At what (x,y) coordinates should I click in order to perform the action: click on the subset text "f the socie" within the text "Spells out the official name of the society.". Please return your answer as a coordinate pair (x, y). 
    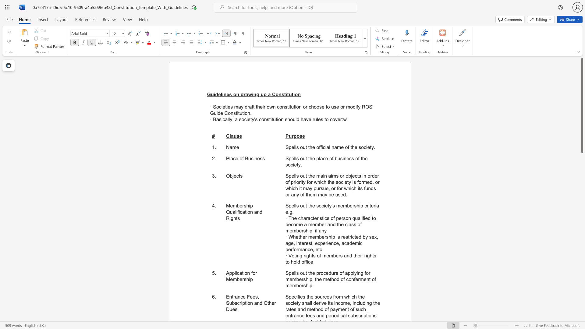
    Looking at the image, I should click on (348, 147).